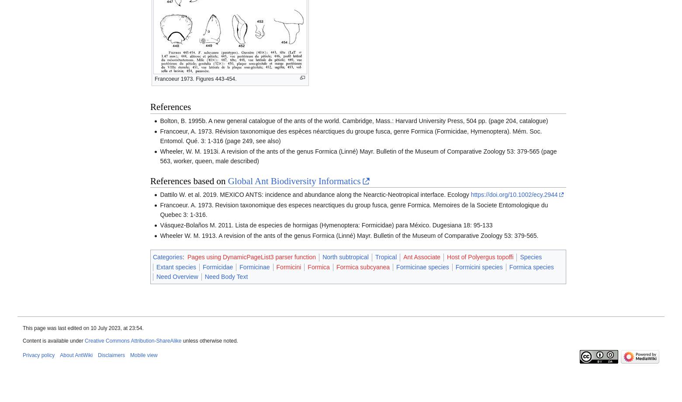 This screenshot has width=682, height=402. What do you see at coordinates (187, 256) in the screenshot?
I see `'Pages using DynamicPageList3 parser function'` at bounding box center [187, 256].